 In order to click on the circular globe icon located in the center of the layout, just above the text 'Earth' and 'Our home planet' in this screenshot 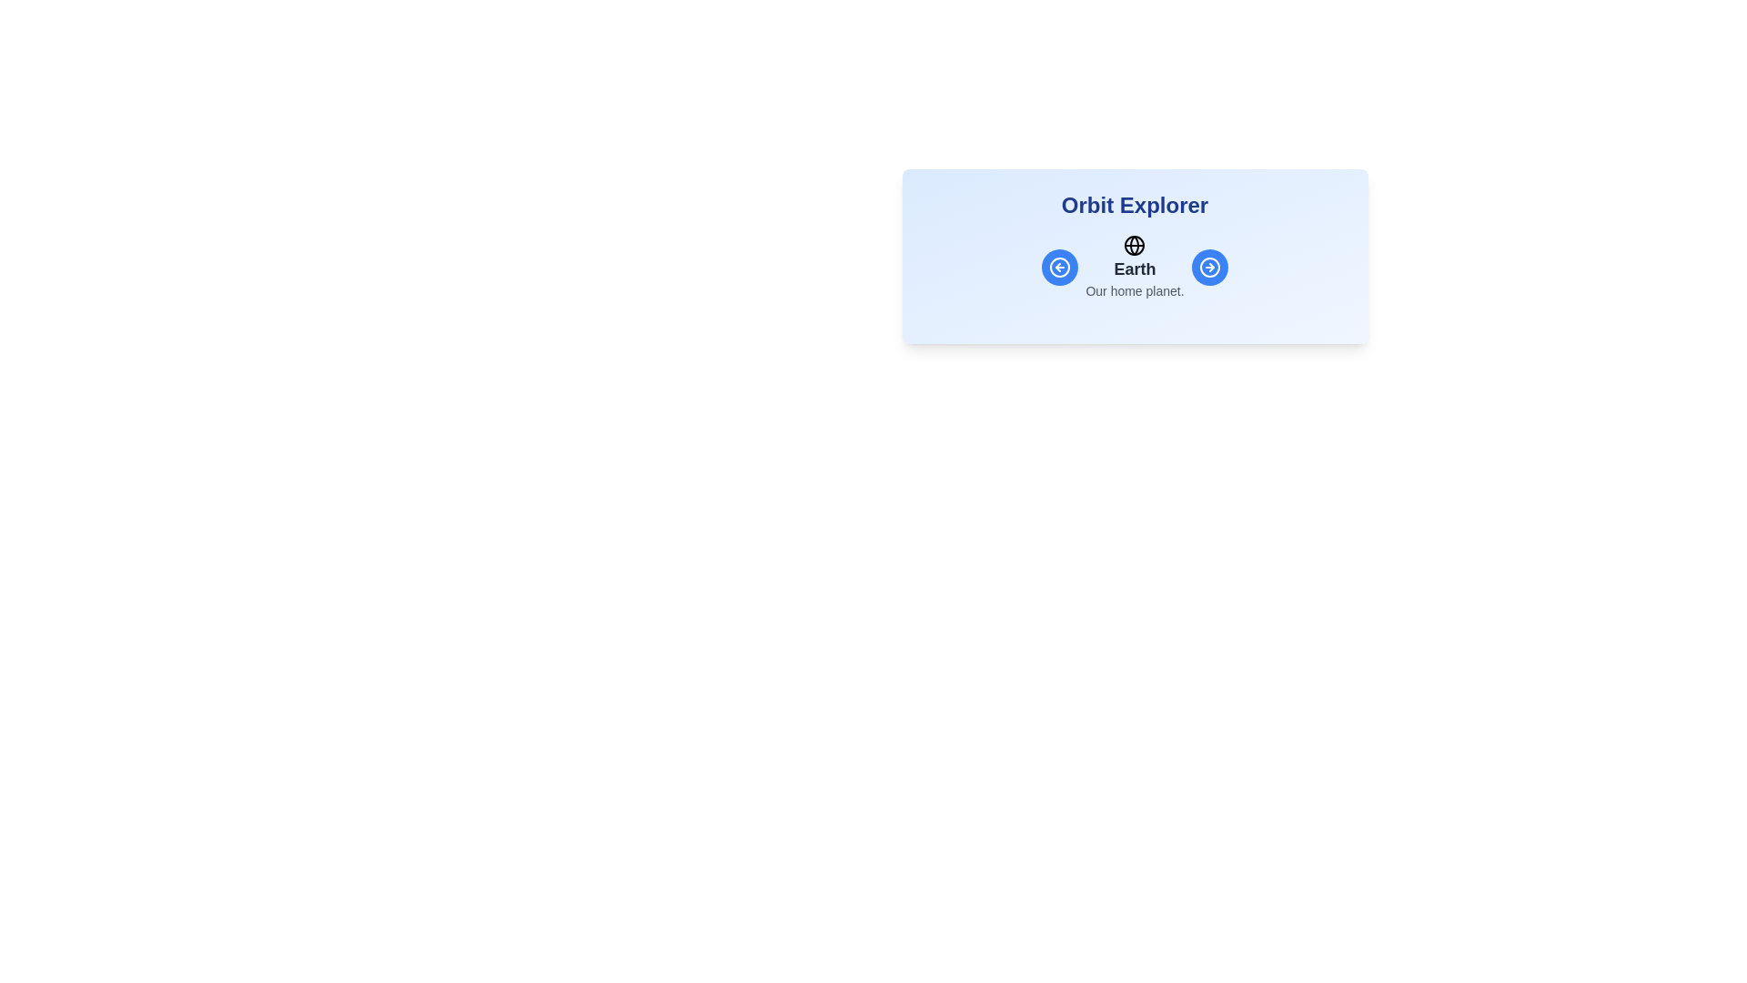, I will do `click(1134, 246)`.